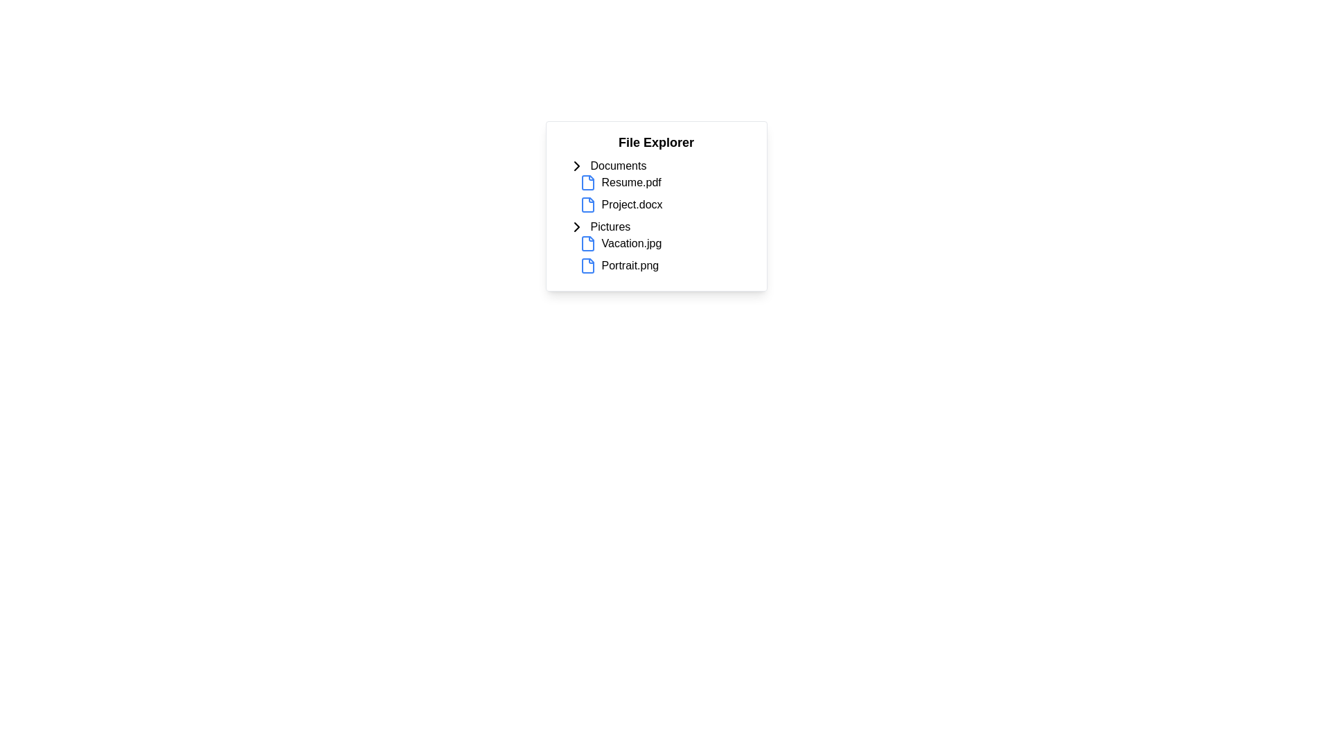  Describe the element at coordinates (576, 165) in the screenshot. I see `the right-pointing arrow icon toggle button adjacent to the 'Documents' label` at that location.